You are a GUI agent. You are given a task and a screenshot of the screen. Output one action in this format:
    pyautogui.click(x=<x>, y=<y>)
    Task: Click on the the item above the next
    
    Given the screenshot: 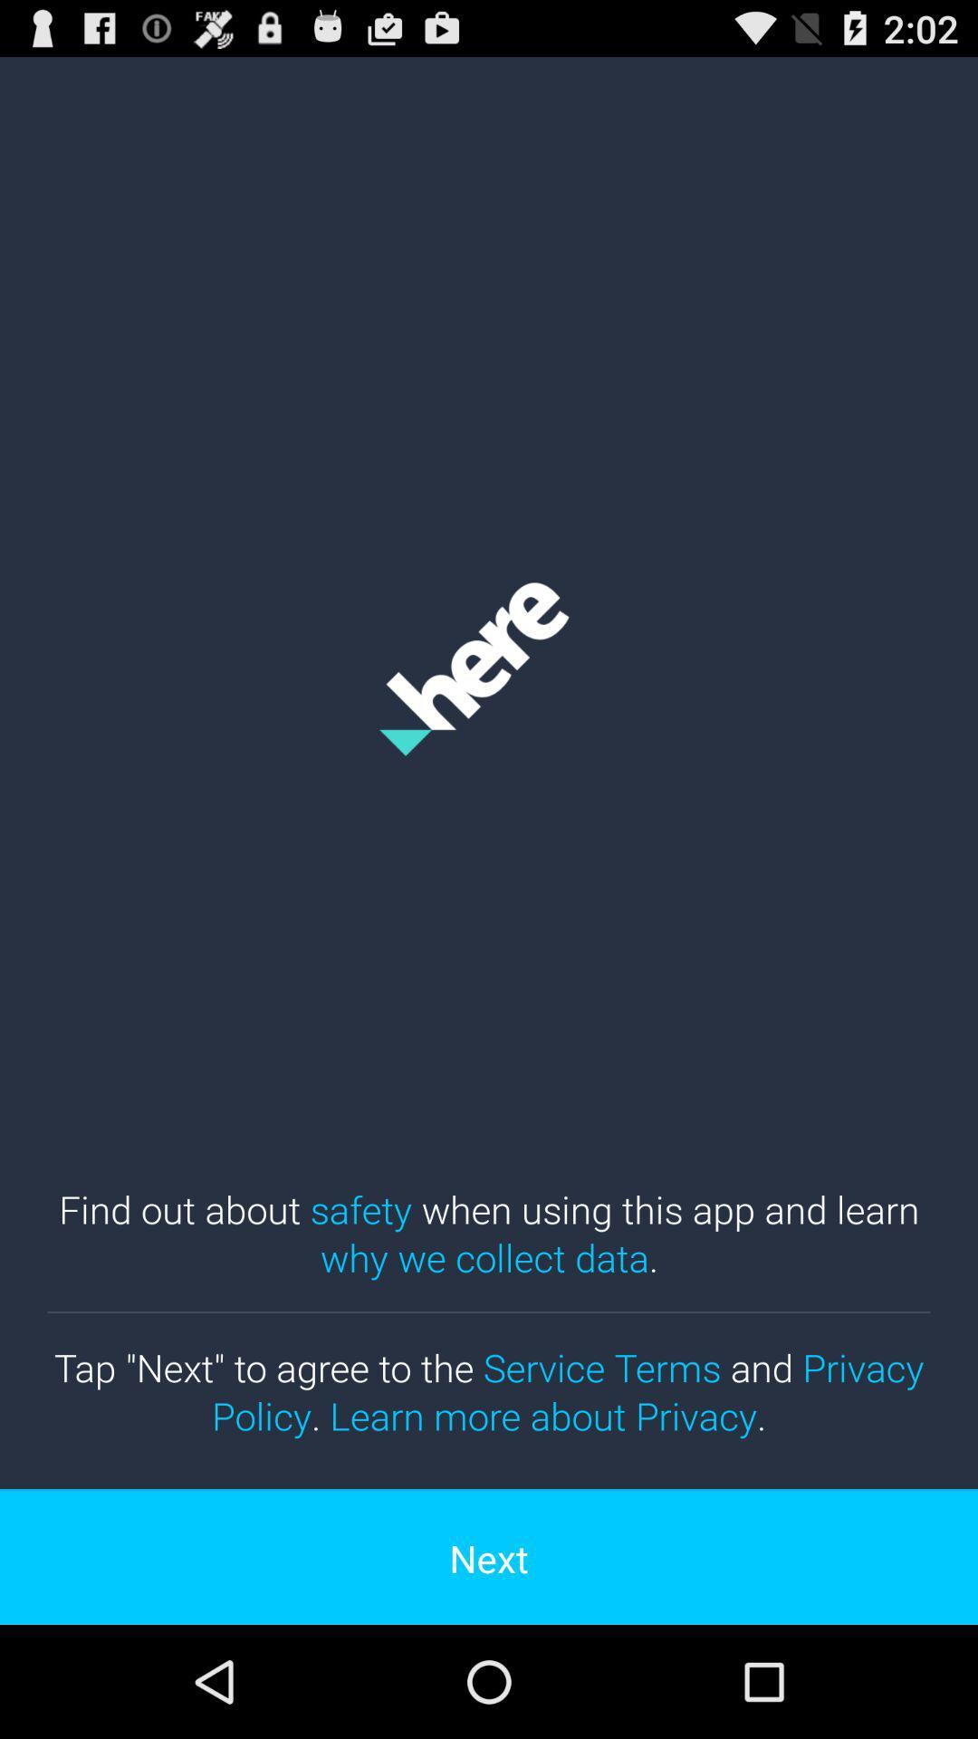 What is the action you would take?
    pyautogui.click(x=489, y=1390)
    